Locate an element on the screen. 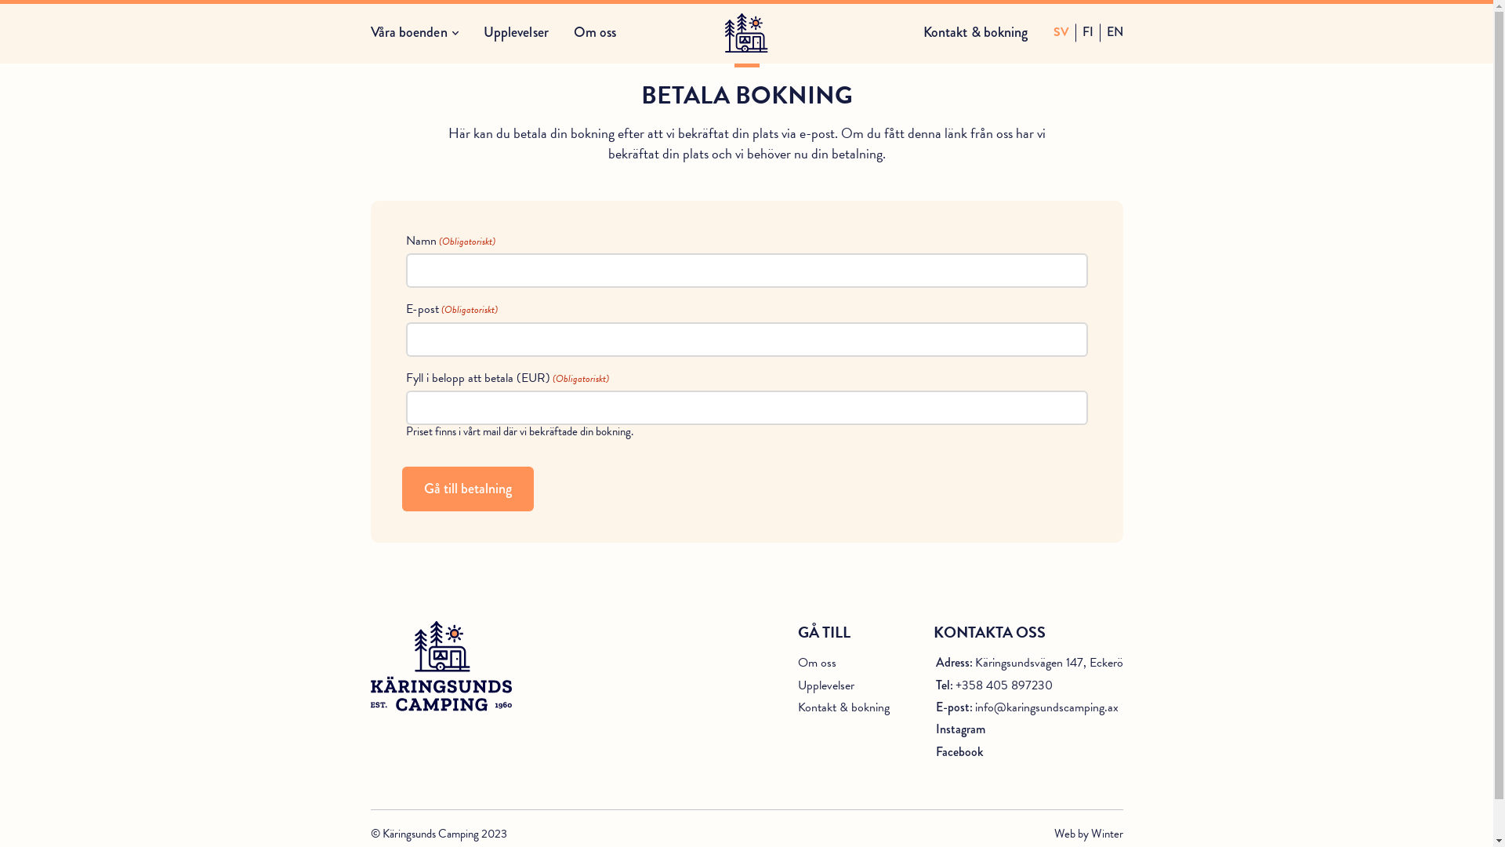  'Upplevelser' is located at coordinates (516, 32).